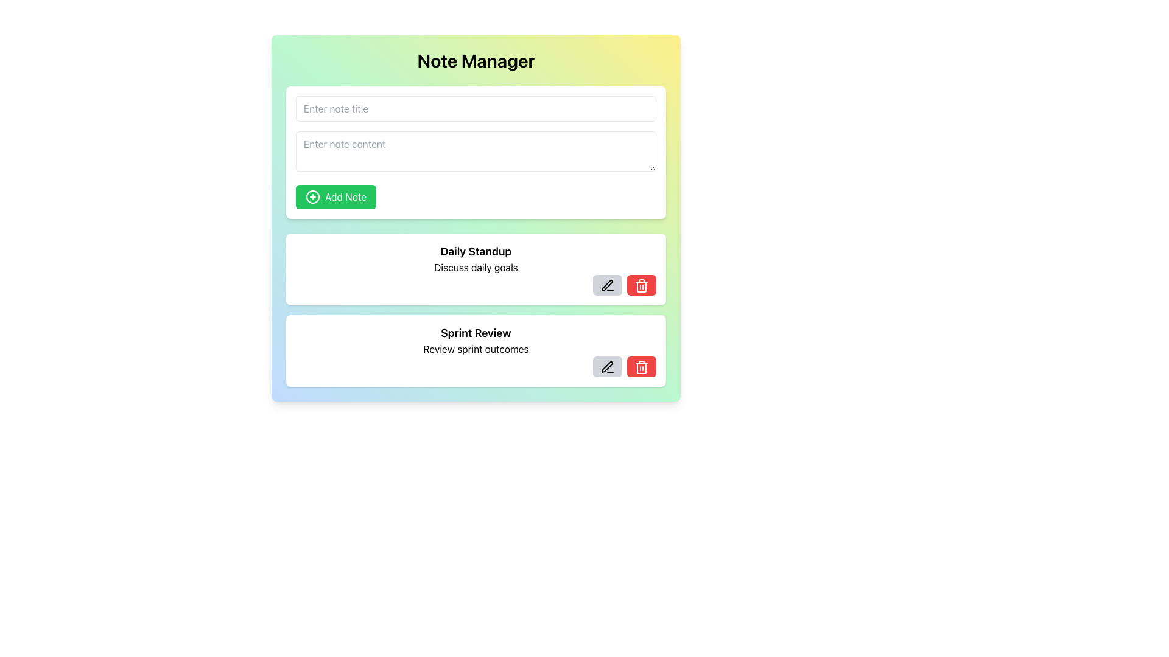 The height and width of the screenshot is (657, 1169). What do you see at coordinates (476, 266) in the screenshot?
I see `the static text element that reads 'Discuss daily goals', which is styled with standard text formatting and positioned below the 'Daily Standup' heading in a white rounded rectangle card` at bounding box center [476, 266].